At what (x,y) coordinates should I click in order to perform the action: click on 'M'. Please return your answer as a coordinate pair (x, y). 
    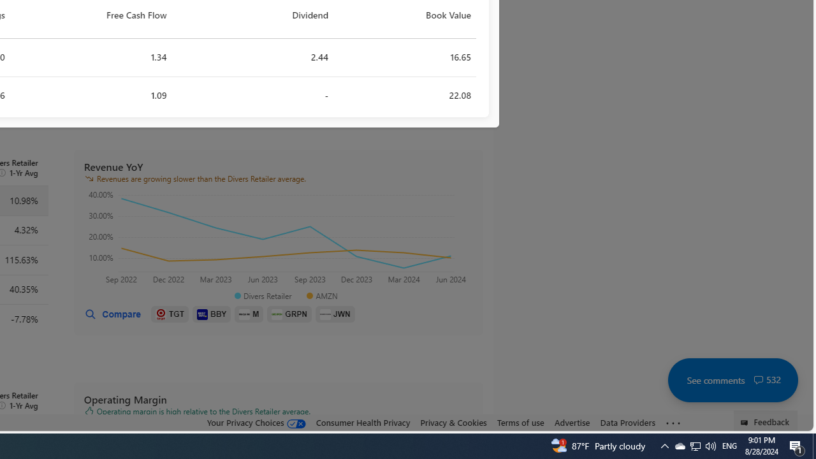
    Looking at the image, I should click on (249, 314).